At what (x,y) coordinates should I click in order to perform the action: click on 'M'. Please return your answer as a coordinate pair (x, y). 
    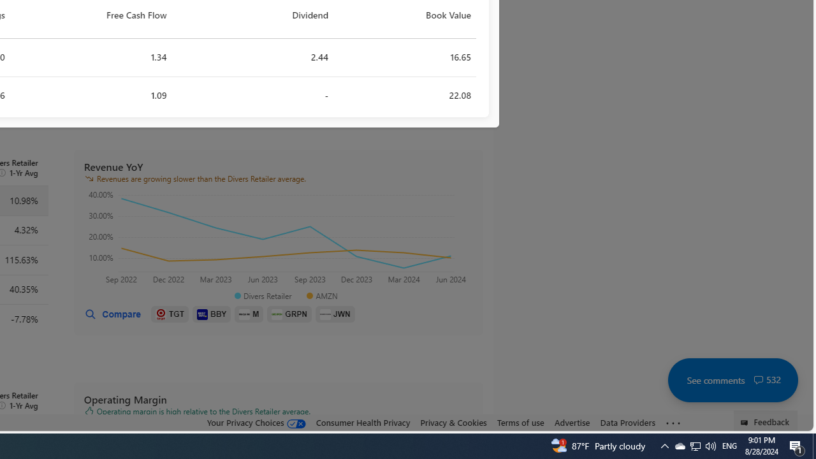
    Looking at the image, I should click on (249, 314).